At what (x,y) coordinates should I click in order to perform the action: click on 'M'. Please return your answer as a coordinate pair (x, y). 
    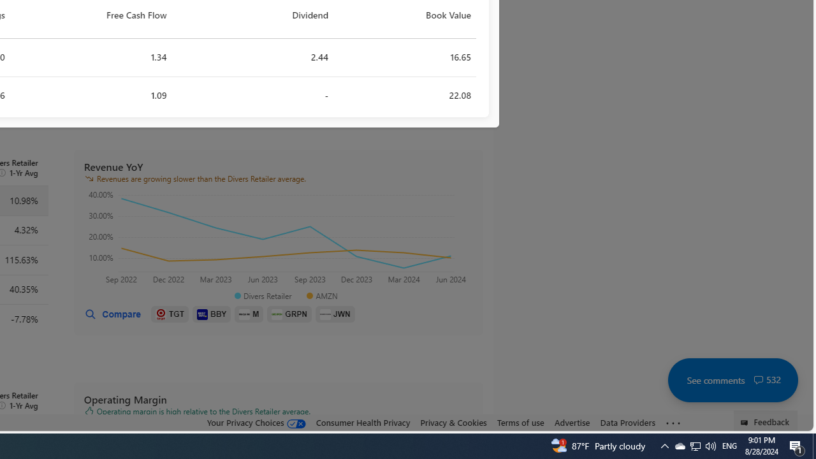
    Looking at the image, I should click on (249, 314).